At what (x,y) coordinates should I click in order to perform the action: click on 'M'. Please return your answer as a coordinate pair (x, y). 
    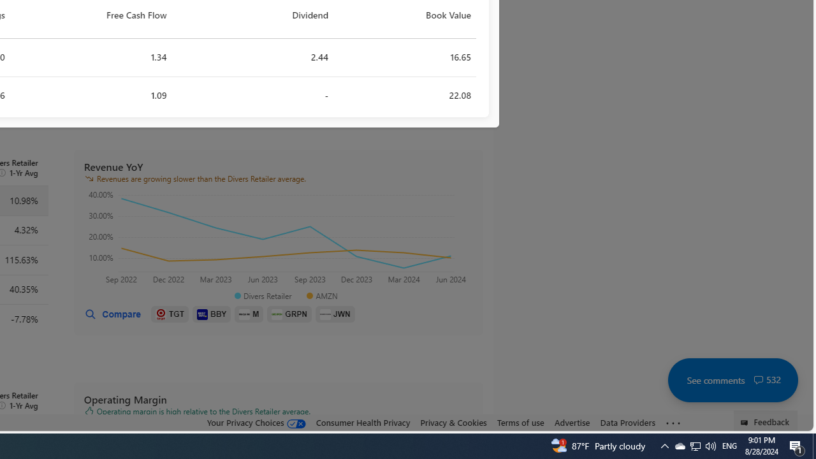
    Looking at the image, I should click on (249, 314).